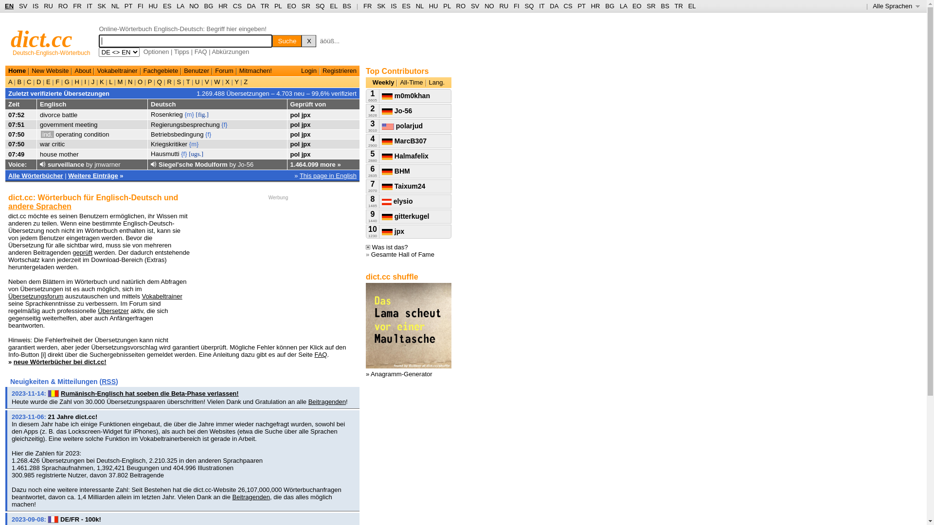  What do you see at coordinates (194, 6) in the screenshot?
I see `'NO'` at bounding box center [194, 6].